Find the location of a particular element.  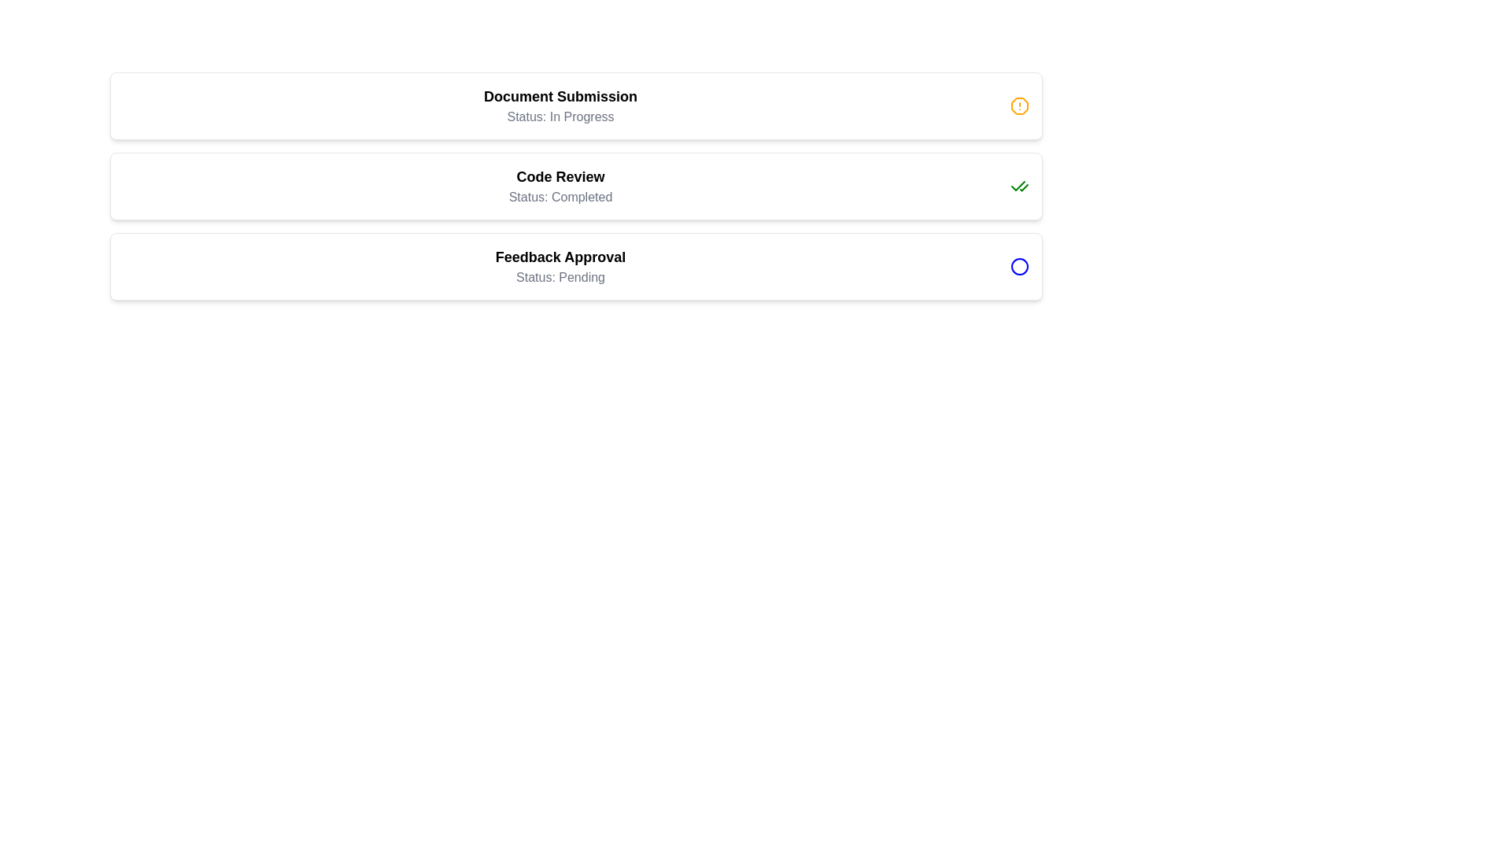

the SVG circle graphic with a medium blue stroke located at the right end of the 'Feedback Approval' status row, aligned with the text 'Status: Pending' is located at coordinates (1020, 266).